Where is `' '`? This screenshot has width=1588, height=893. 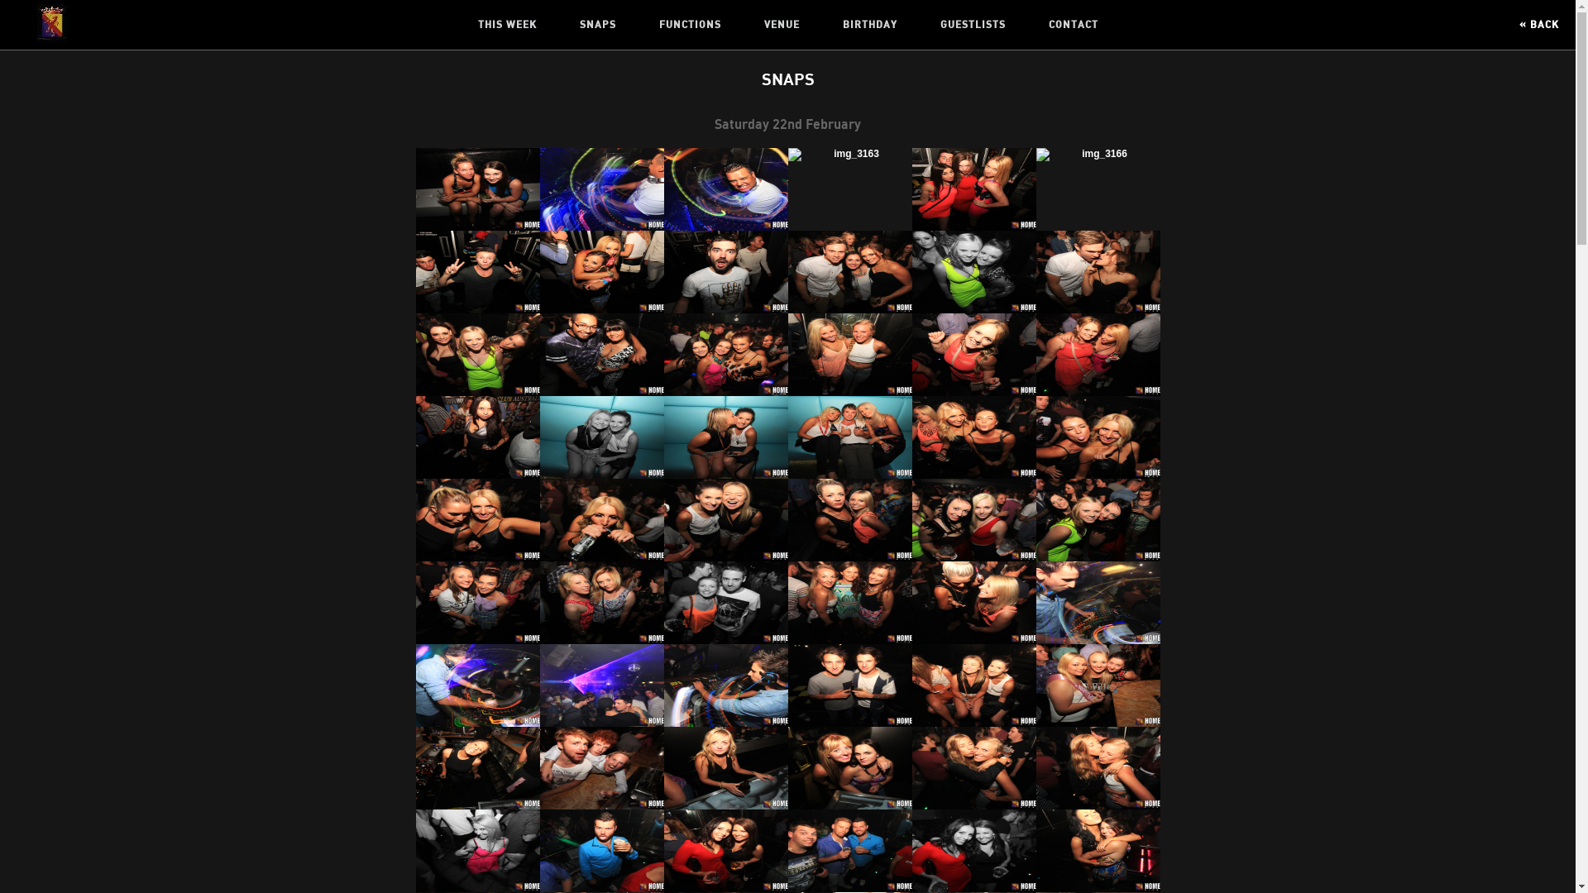 ' ' is located at coordinates (973, 685).